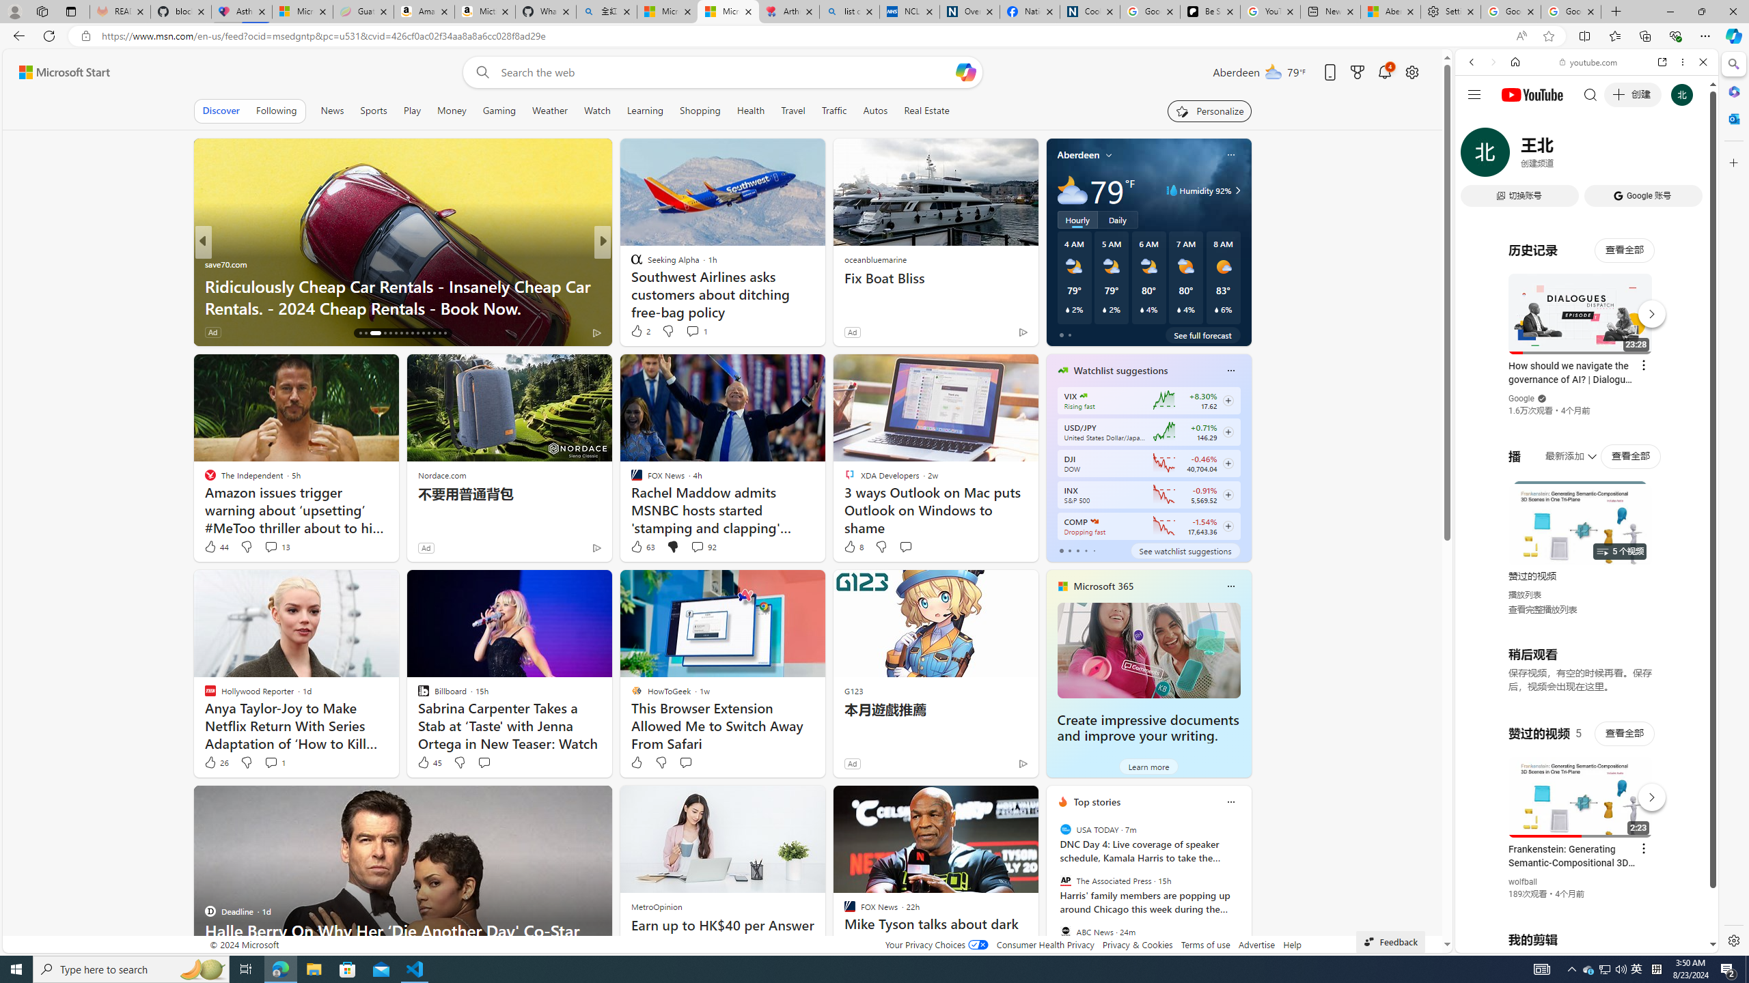 This screenshot has height=983, width=1749. Describe the element at coordinates (1060, 551) in the screenshot. I see `'tab-0'` at that location.